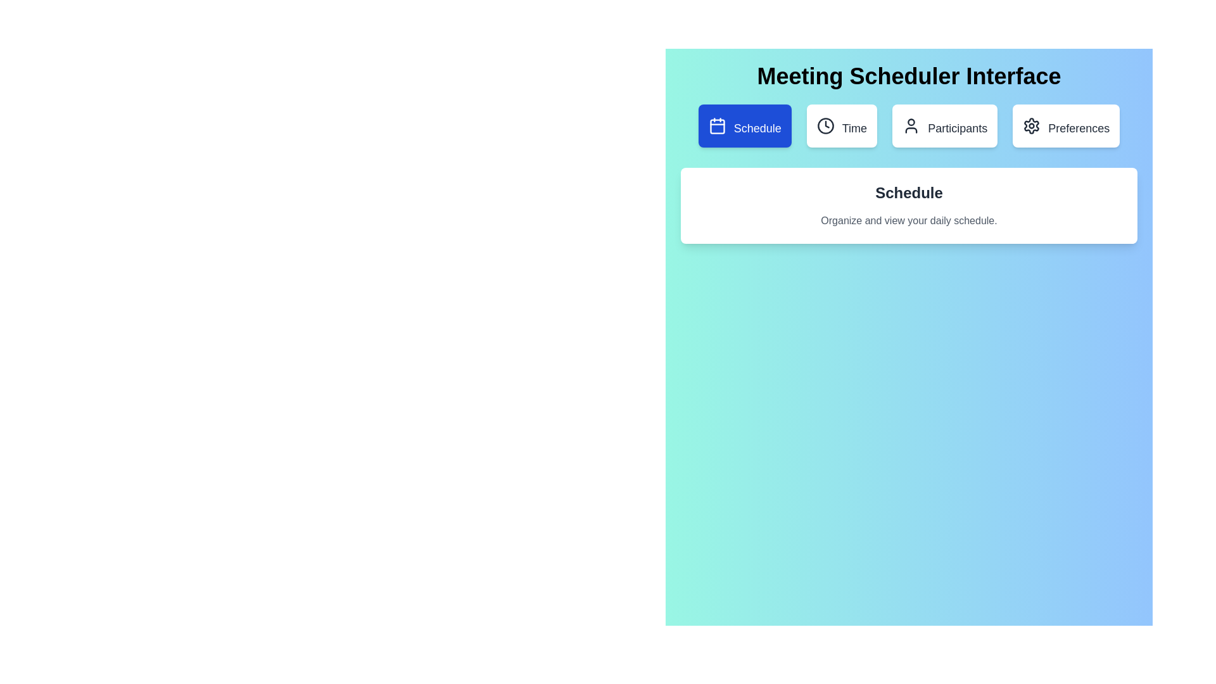 The image size is (1216, 684). What do you see at coordinates (908, 76) in the screenshot?
I see `the static header text element displaying 'Meeting Scheduler Interface'` at bounding box center [908, 76].